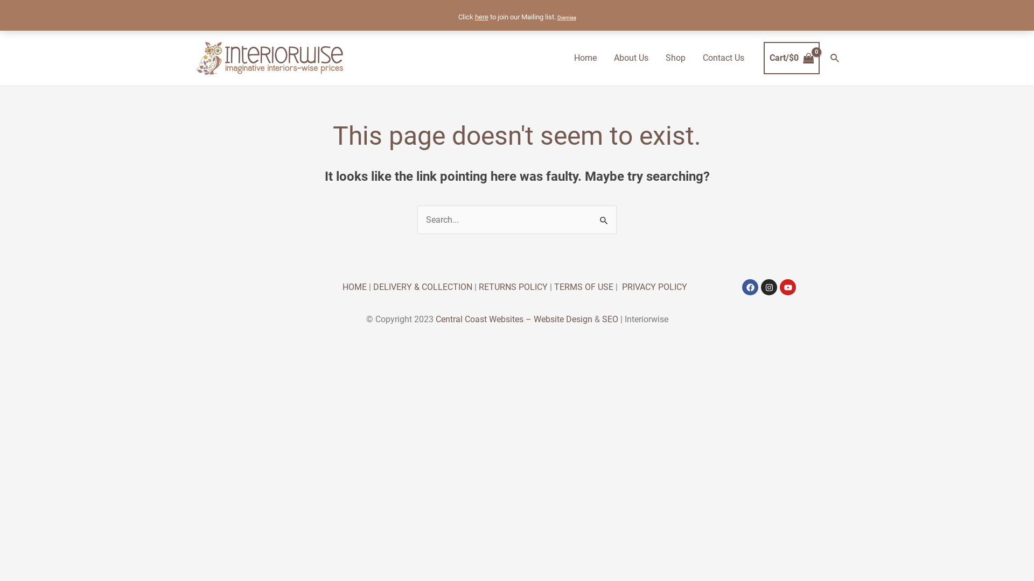  What do you see at coordinates (354, 286) in the screenshot?
I see `'HOME'` at bounding box center [354, 286].